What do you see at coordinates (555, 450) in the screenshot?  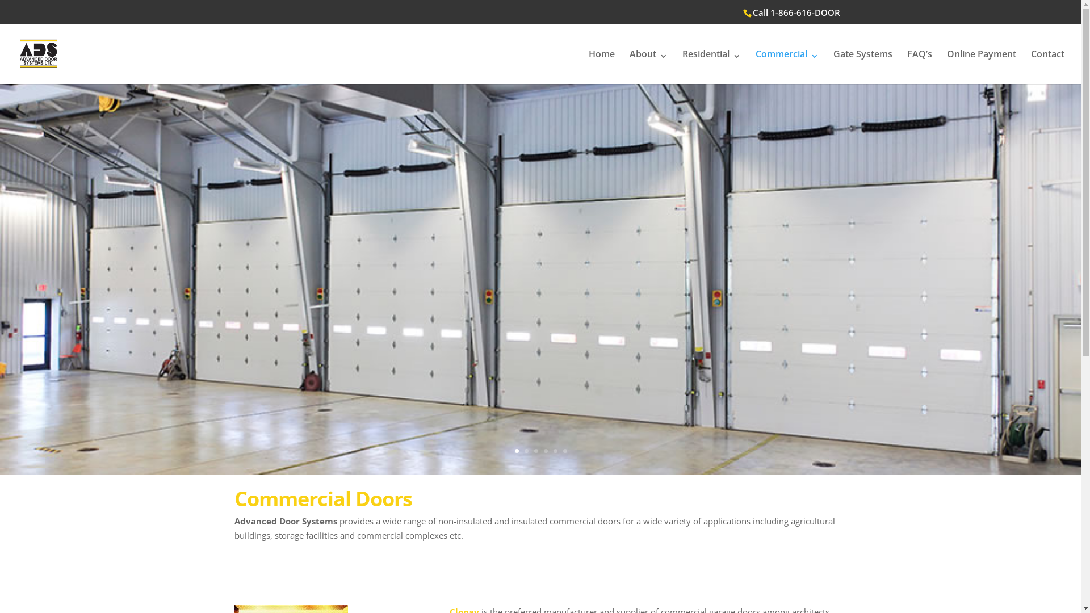 I see `'5'` at bounding box center [555, 450].